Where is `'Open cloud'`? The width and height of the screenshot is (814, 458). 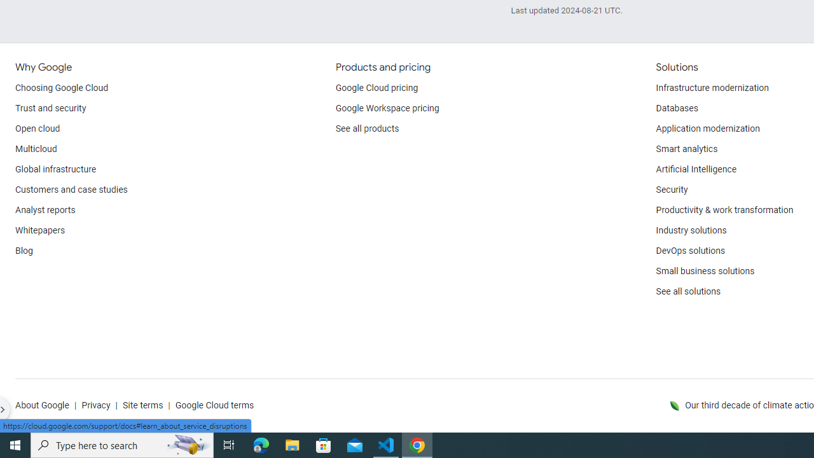 'Open cloud' is located at coordinates (38, 129).